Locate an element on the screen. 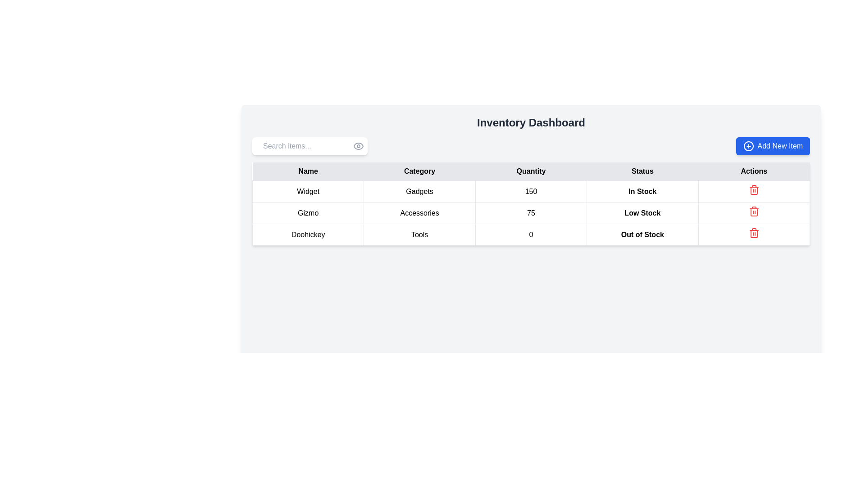 This screenshot has width=865, height=486. the table cell containing the number '150', which is the third cell in the row labeled 'Widget' under the 'Quantity' column is located at coordinates (531, 191).